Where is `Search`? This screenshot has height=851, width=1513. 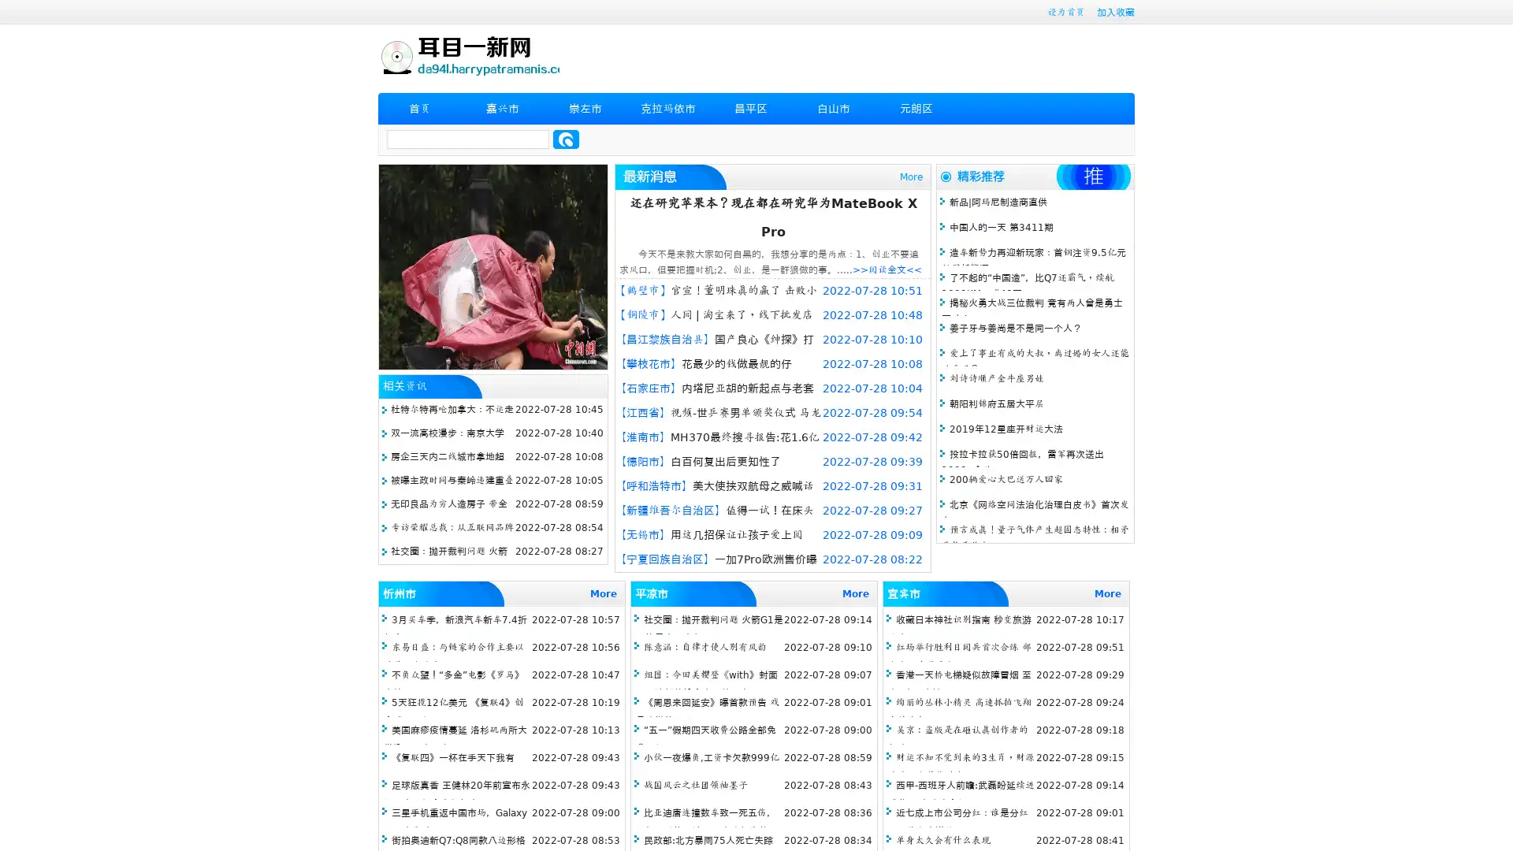
Search is located at coordinates (566, 139).